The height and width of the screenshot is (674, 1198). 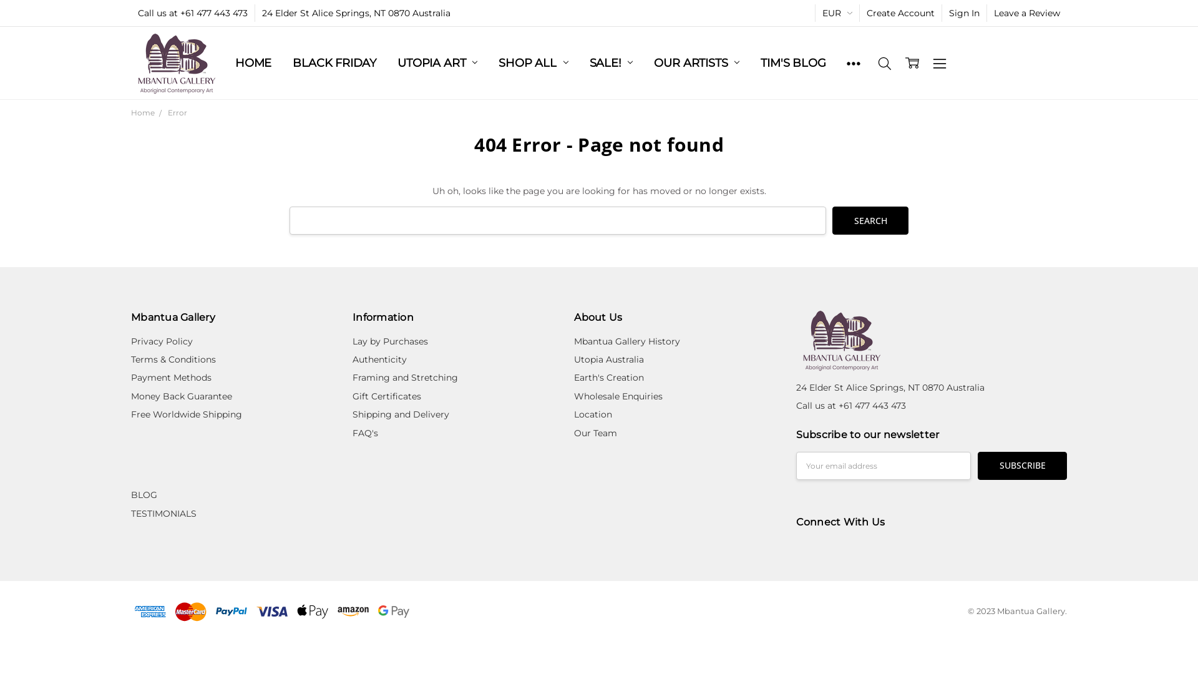 I want to click on 'Error', so click(x=177, y=112).